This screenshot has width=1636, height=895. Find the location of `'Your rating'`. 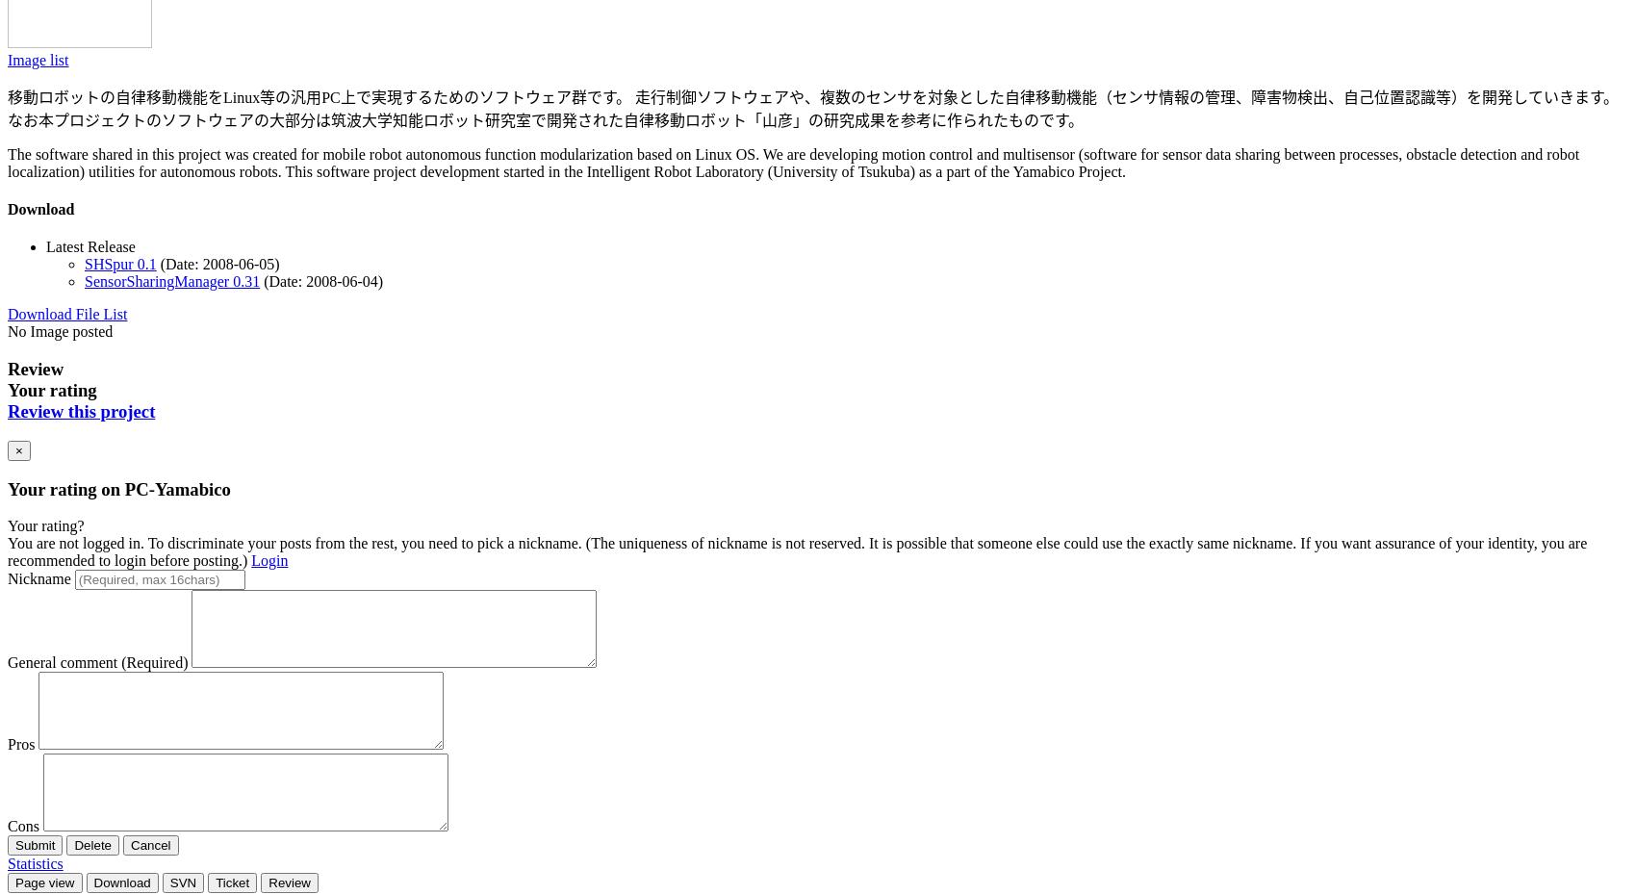

'Your rating' is located at coordinates (52, 390).